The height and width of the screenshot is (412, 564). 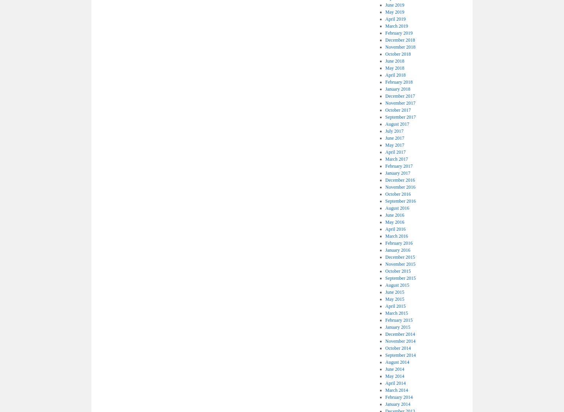 What do you see at coordinates (400, 103) in the screenshot?
I see `'November 2017'` at bounding box center [400, 103].